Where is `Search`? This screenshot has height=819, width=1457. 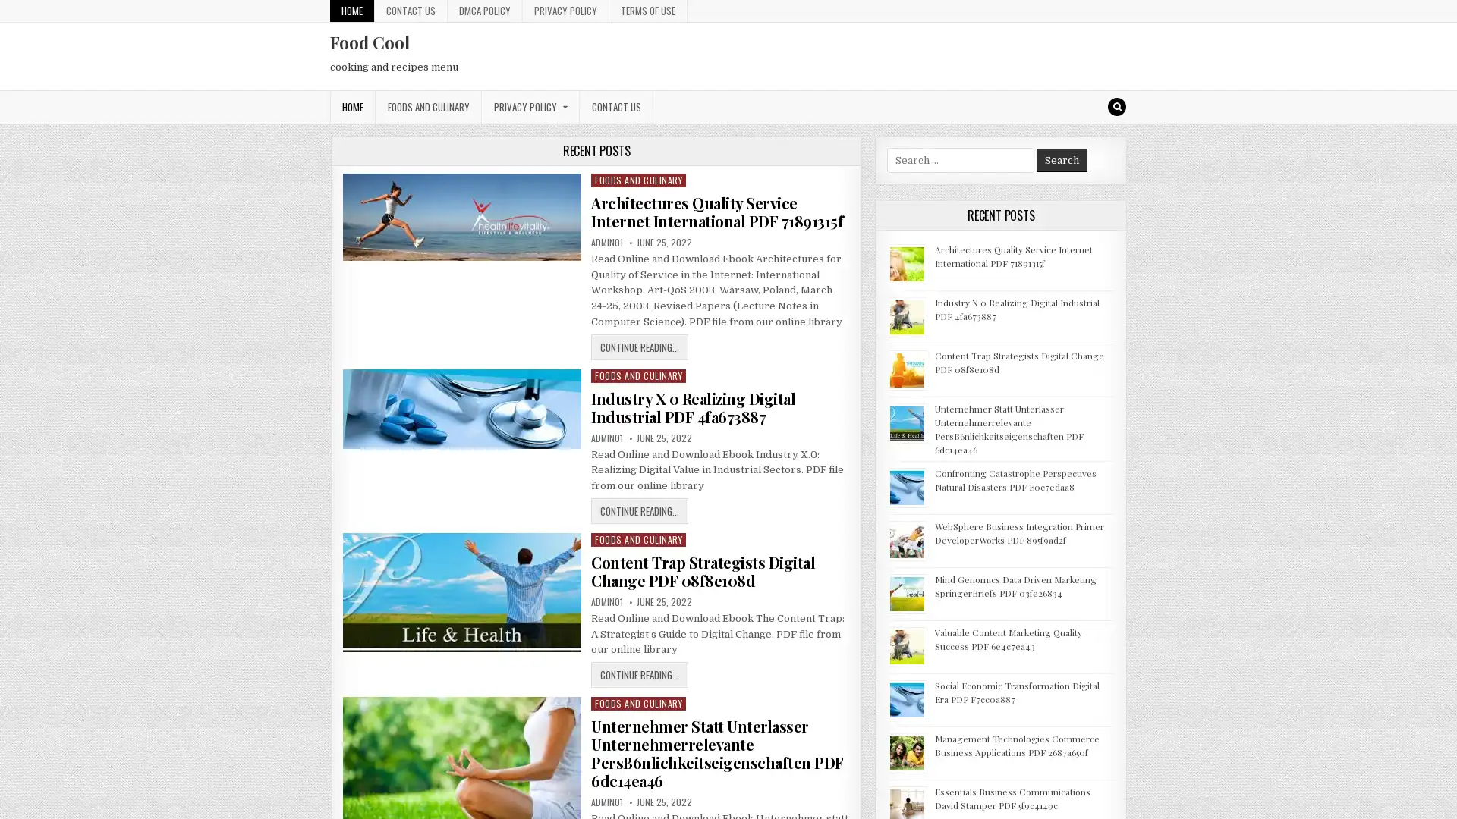 Search is located at coordinates (1061, 160).